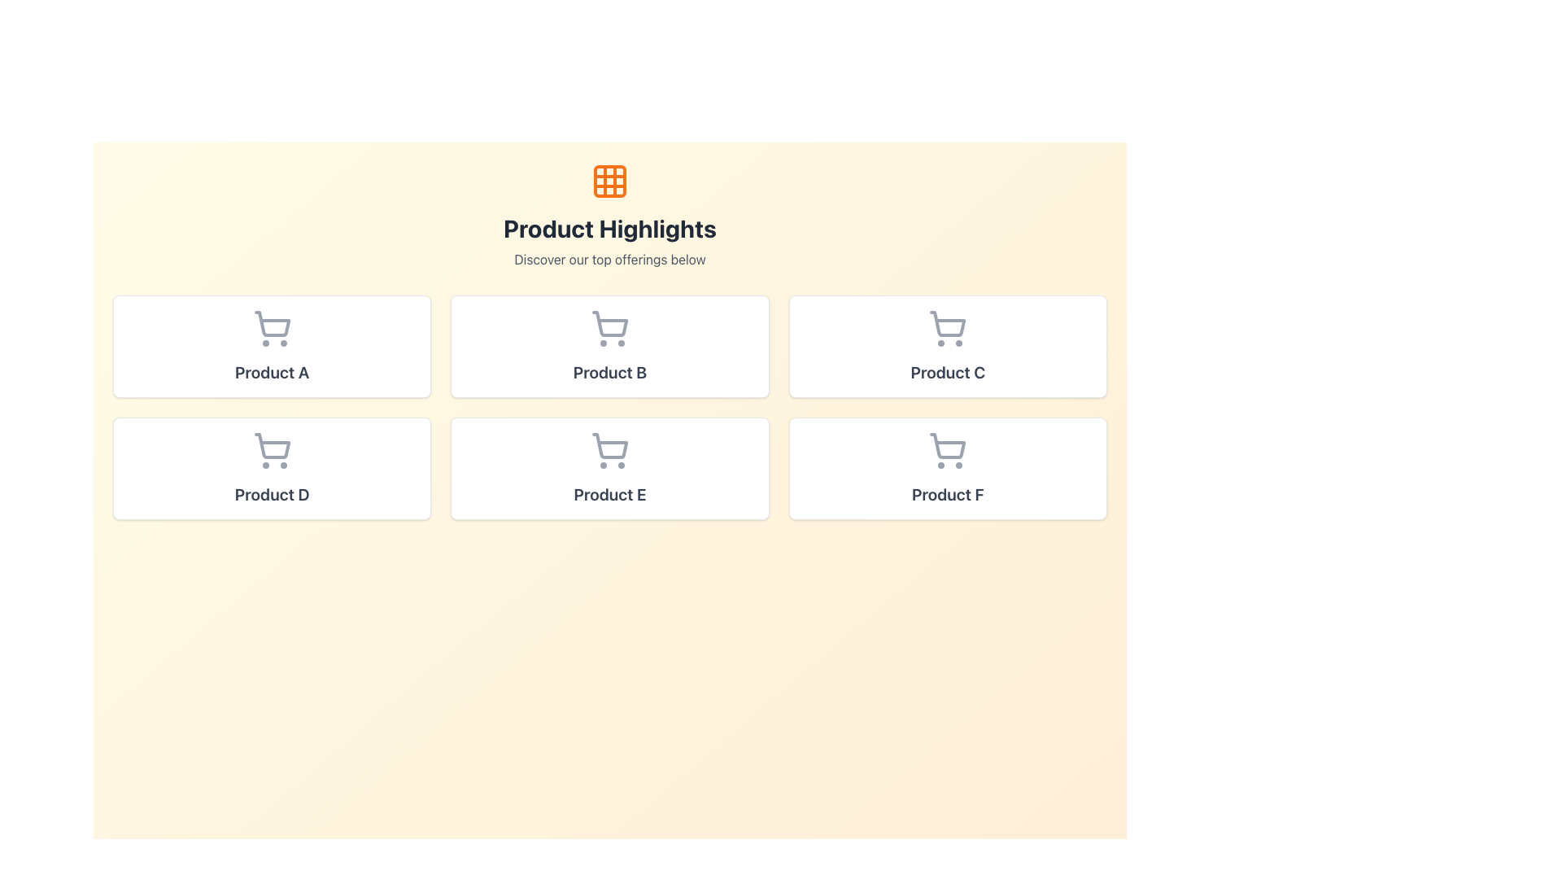  What do you see at coordinates (609, 329) in the screenshot?
I see `the shopping cart icon located at the top center of the 'Product B' card, which indicates the option to add items to the cart for purchase` at bounding box center [609, 329].